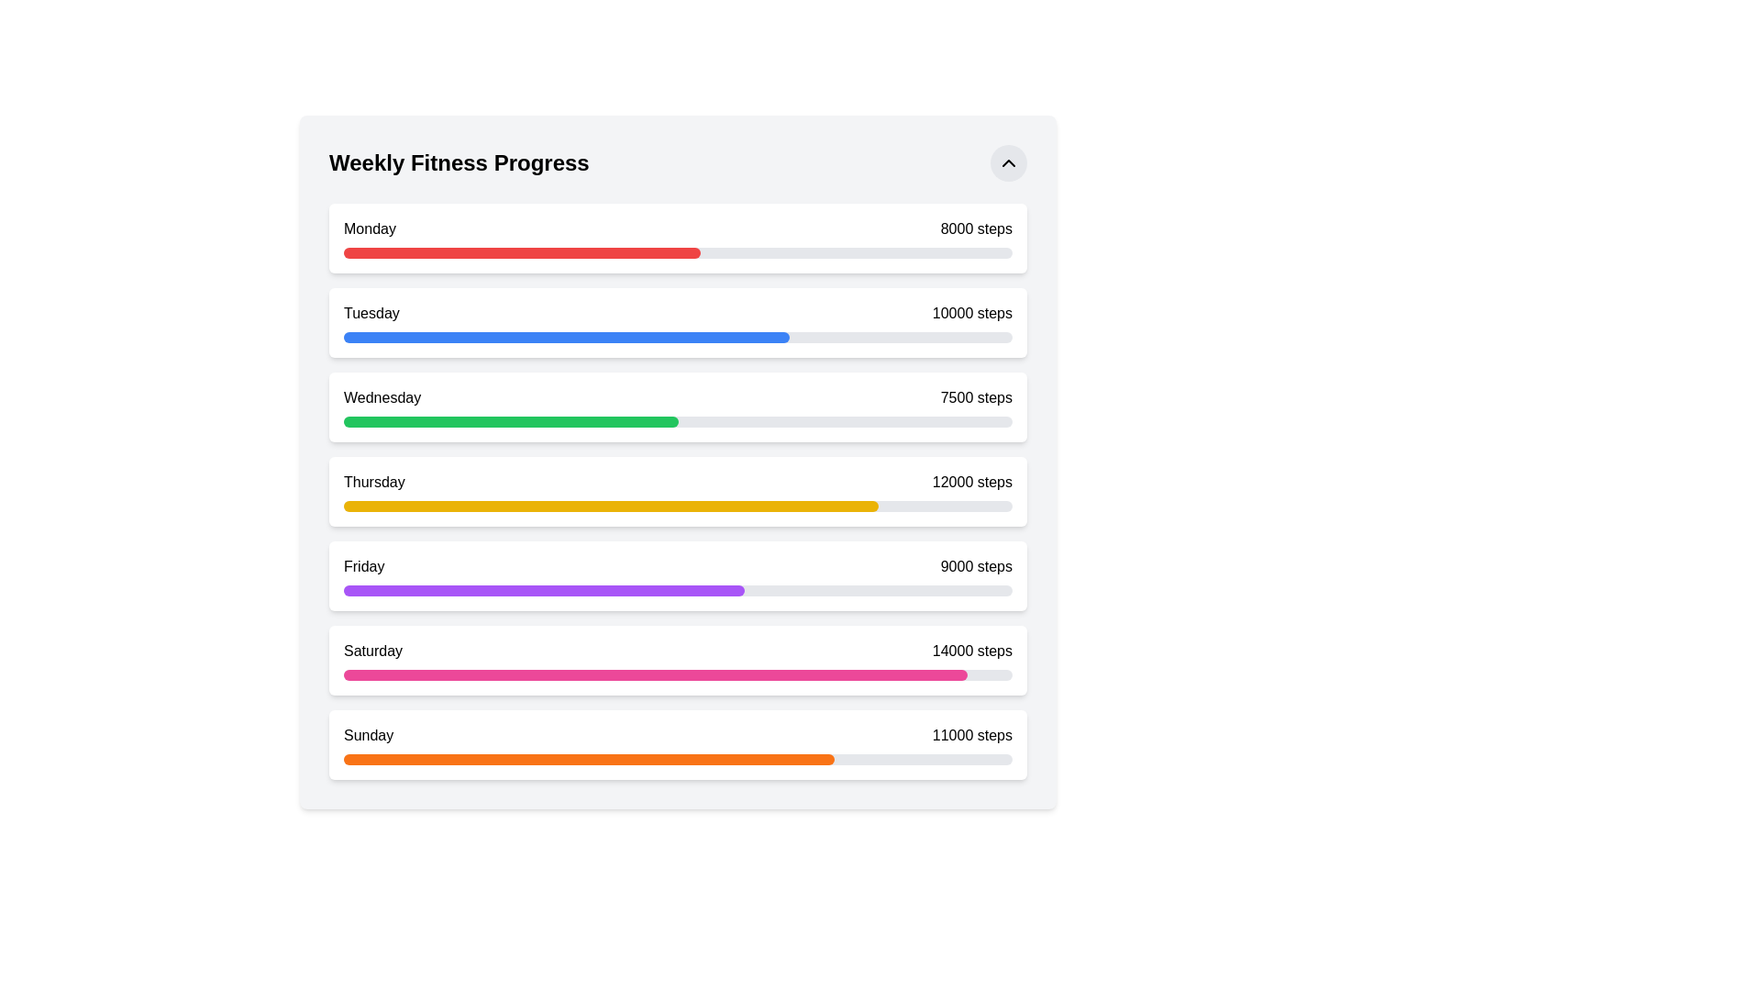 The image size is (1761, 991). I want to click on the text label 'Wednesday' in the 'Weekly Fitness Progress' section which indicates the day of the week, so click(382, 397).